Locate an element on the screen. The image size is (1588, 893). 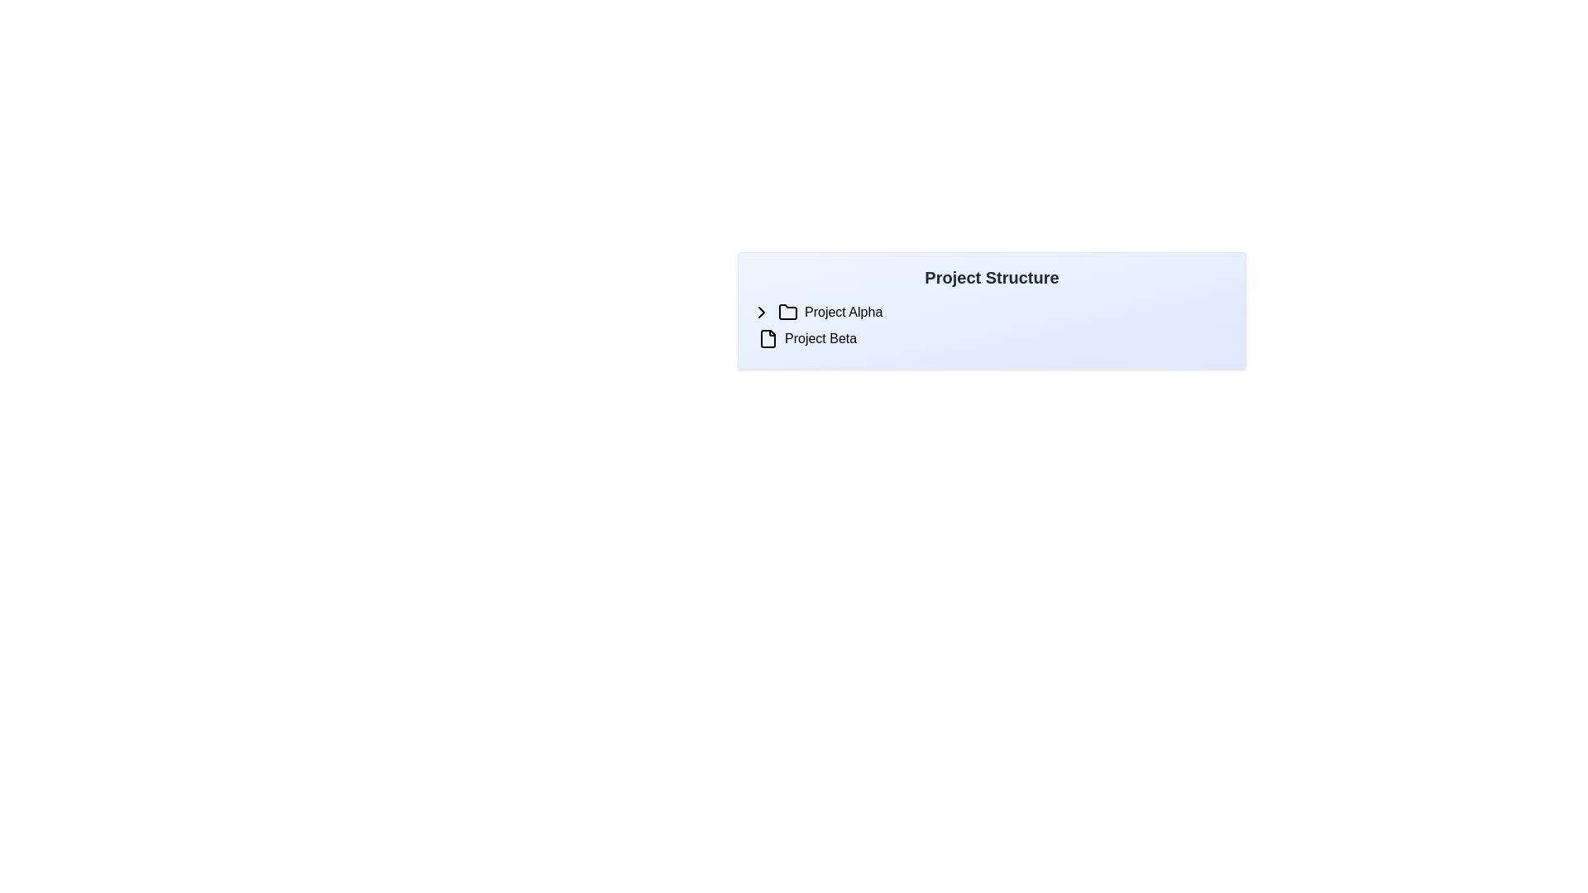
the toggle button is located at coordinates (761, 313).